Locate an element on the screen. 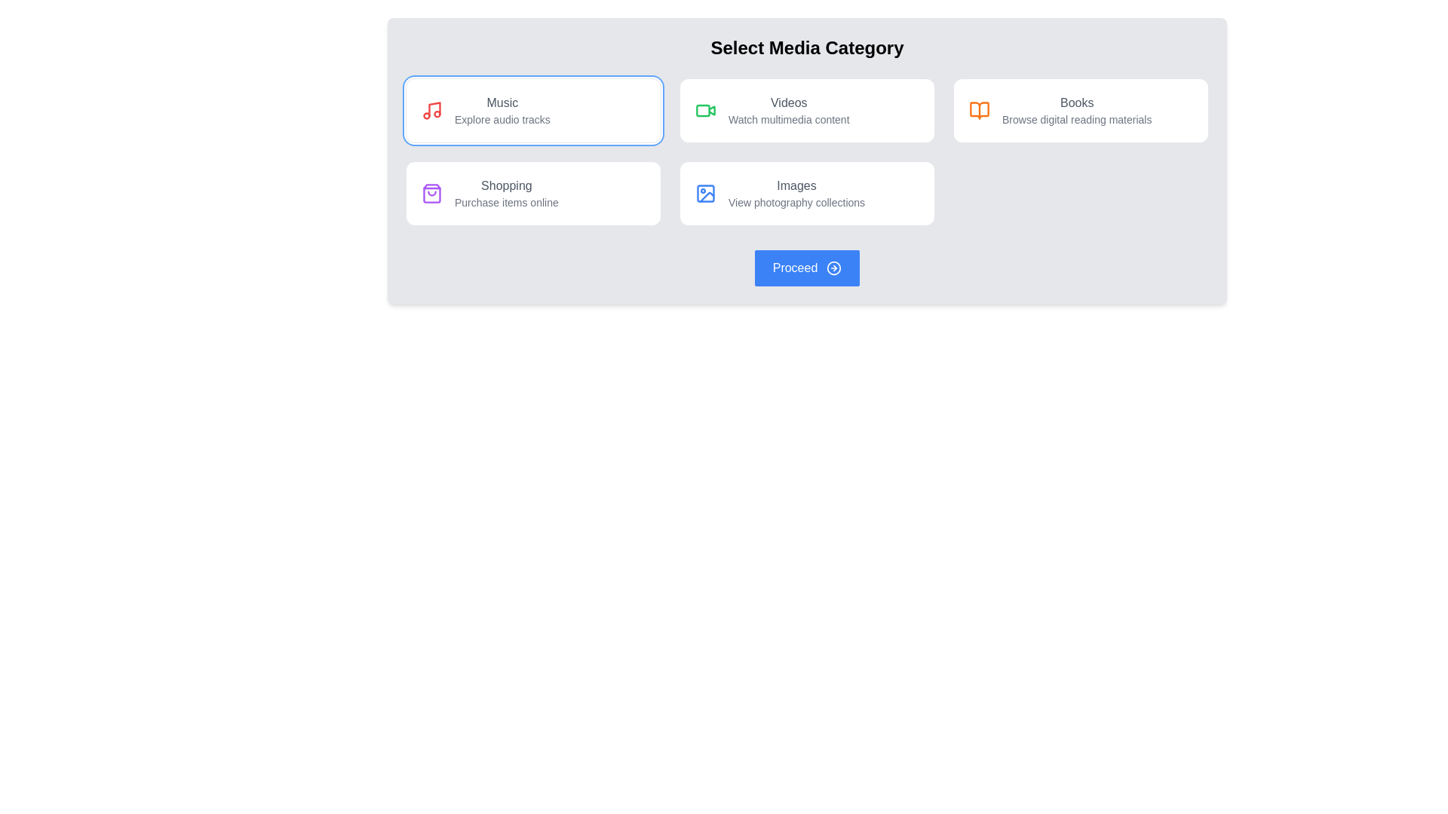  the second card in the grid layout is located at coordinates (806, 109).